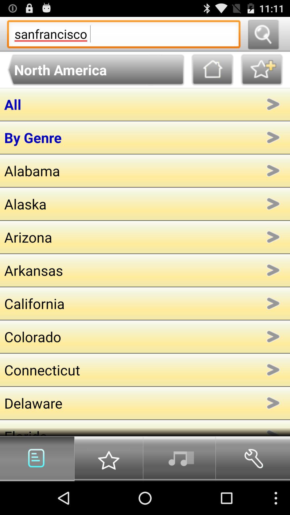 Image resolution: width=290 pixels, height=515 pixels. Describe the element at coordinates (262, 69) in the screenshot. I see `to favorites` at that location.